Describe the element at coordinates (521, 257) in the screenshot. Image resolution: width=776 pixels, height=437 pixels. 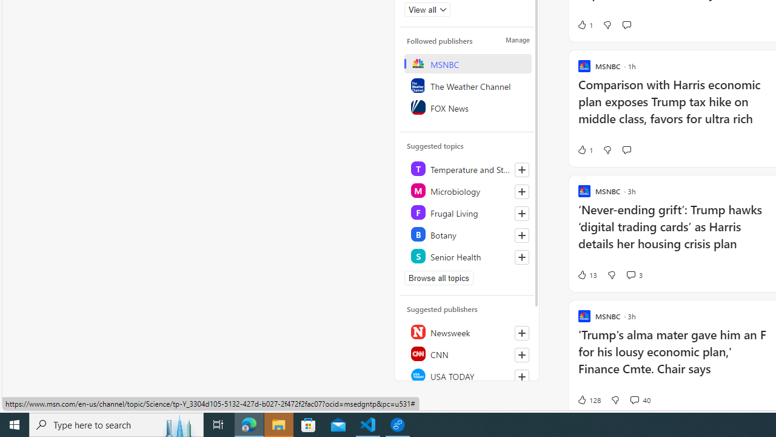
I see `'Follow this topic'` at that location.